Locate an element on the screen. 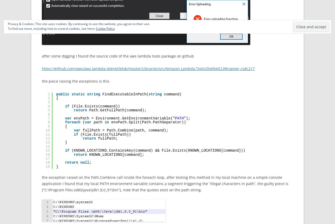 The width and height of the screenshot is (335, 224). '13' is located at coordinates (45, 142).